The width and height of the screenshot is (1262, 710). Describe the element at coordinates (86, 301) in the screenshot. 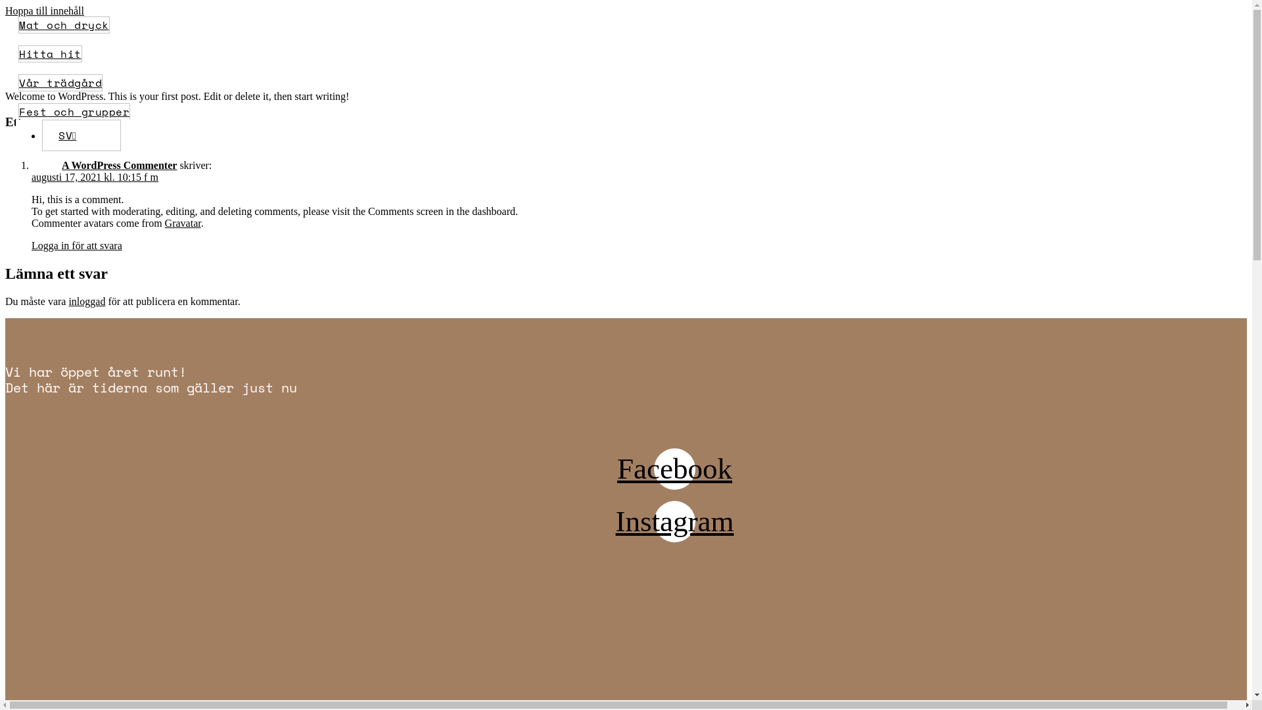

I see `'inloggad'` at that location.